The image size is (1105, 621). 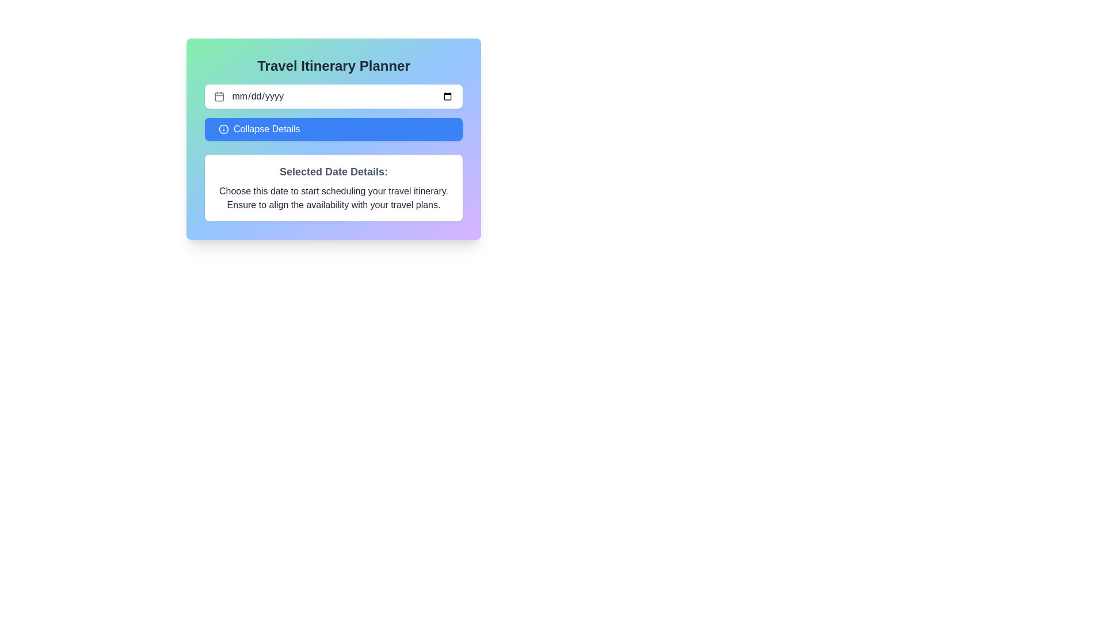 I want to click on the blue rectangular button containing the text label that collapses or hides additional details, located below the date input field, so click(x=266, y=129).